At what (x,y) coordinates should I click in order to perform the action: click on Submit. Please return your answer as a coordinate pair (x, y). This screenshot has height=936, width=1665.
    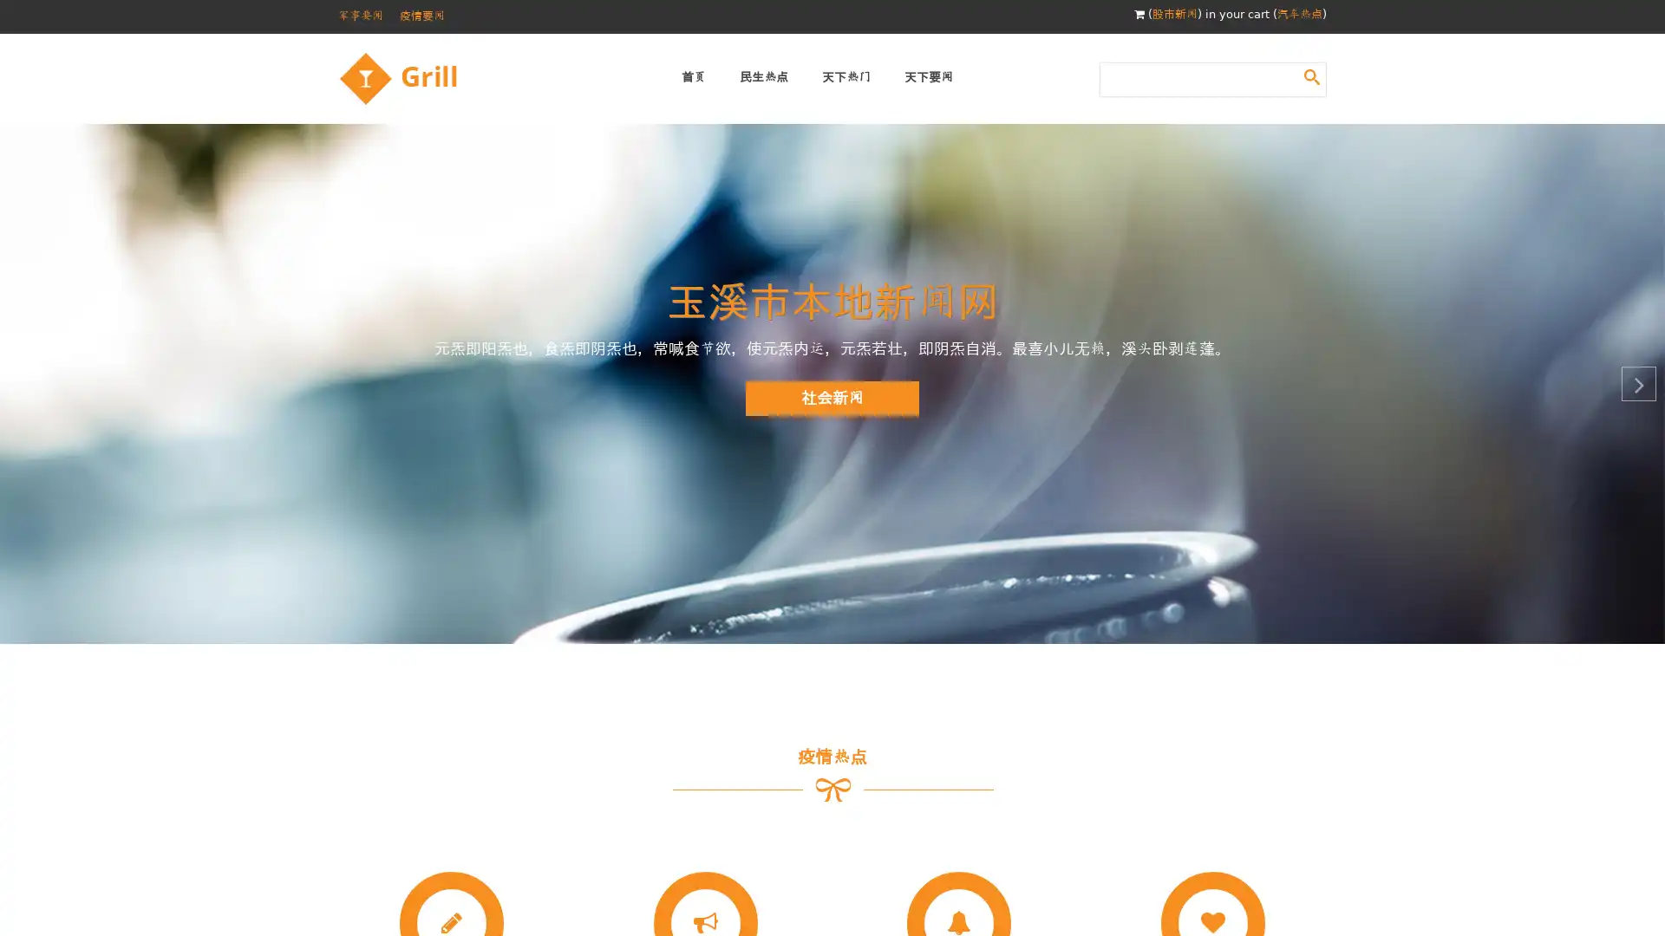
    Looking at the image, I should click on (1311, 75).